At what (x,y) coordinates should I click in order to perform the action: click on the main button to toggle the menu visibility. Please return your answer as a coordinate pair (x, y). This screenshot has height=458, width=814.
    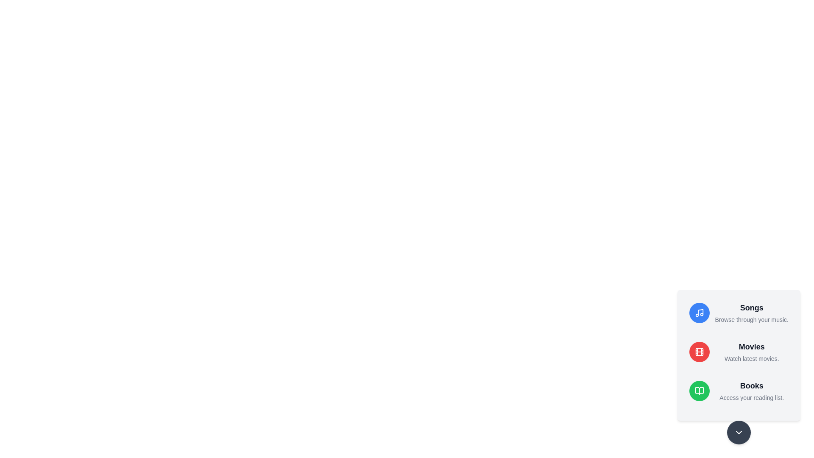
    Looking at the image, I should click on (739, 432).